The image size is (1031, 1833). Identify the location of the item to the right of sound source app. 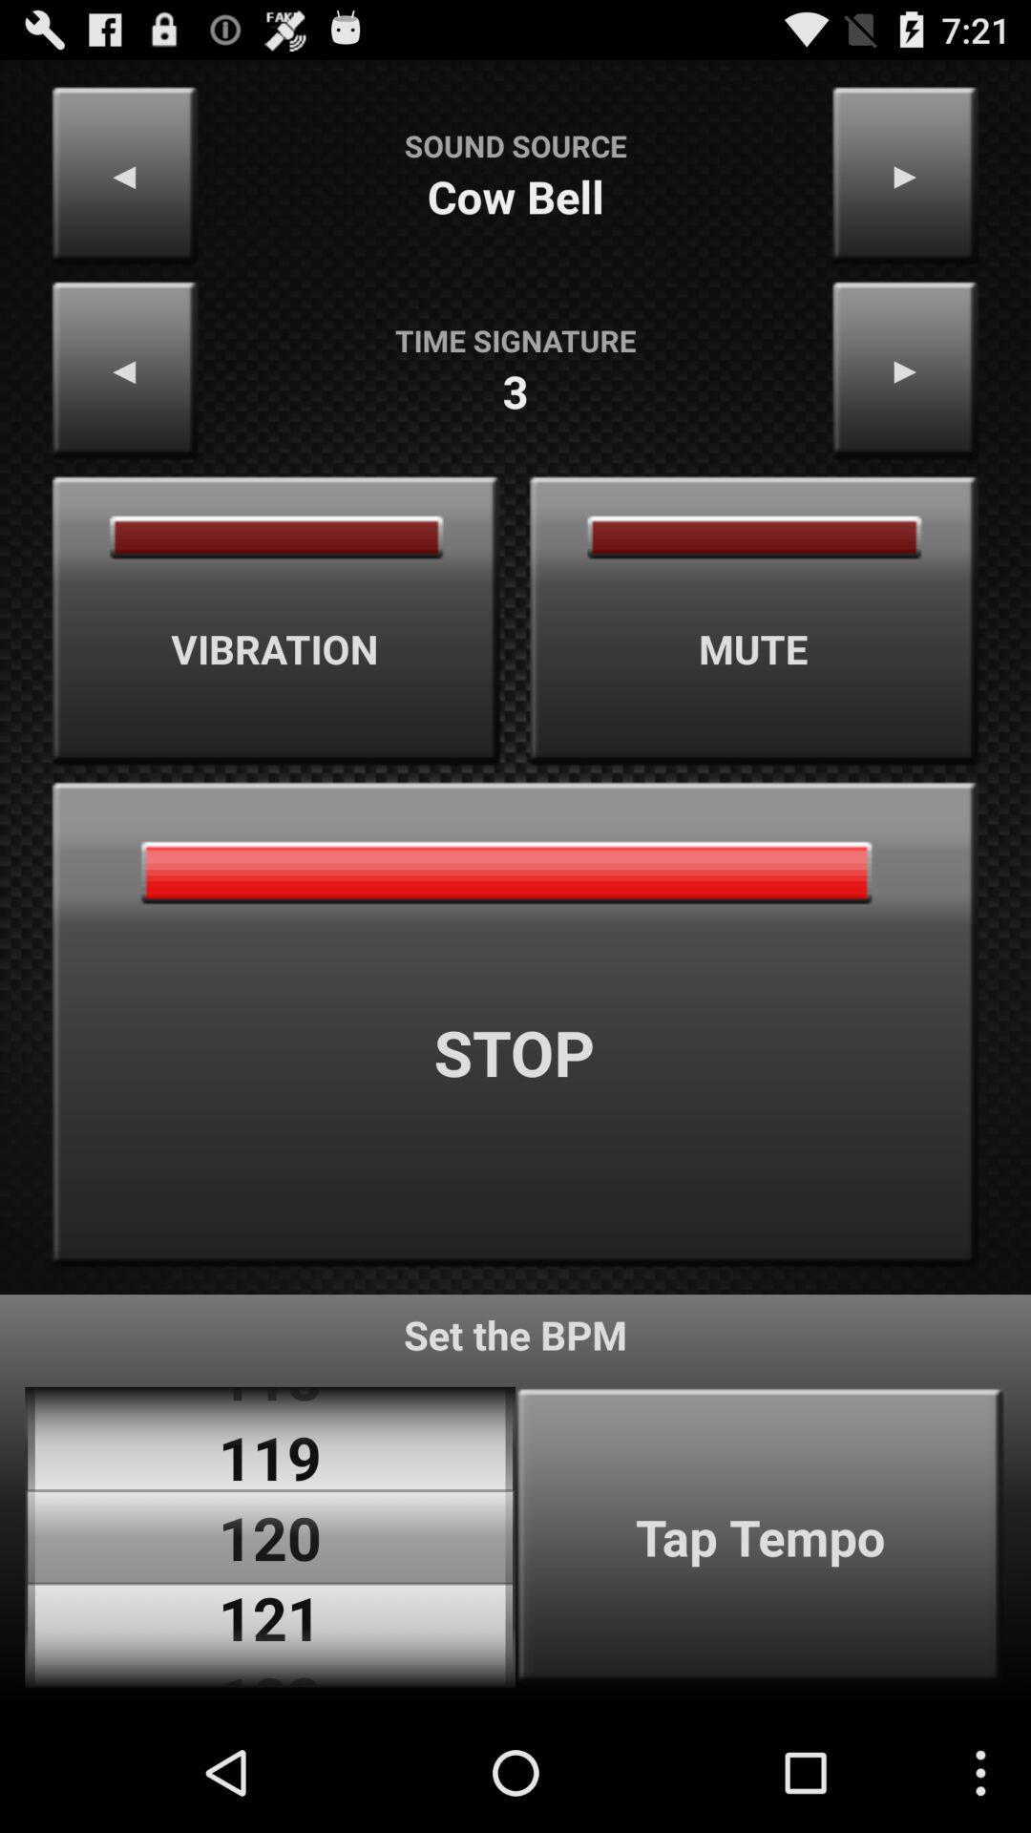
(904, 176).